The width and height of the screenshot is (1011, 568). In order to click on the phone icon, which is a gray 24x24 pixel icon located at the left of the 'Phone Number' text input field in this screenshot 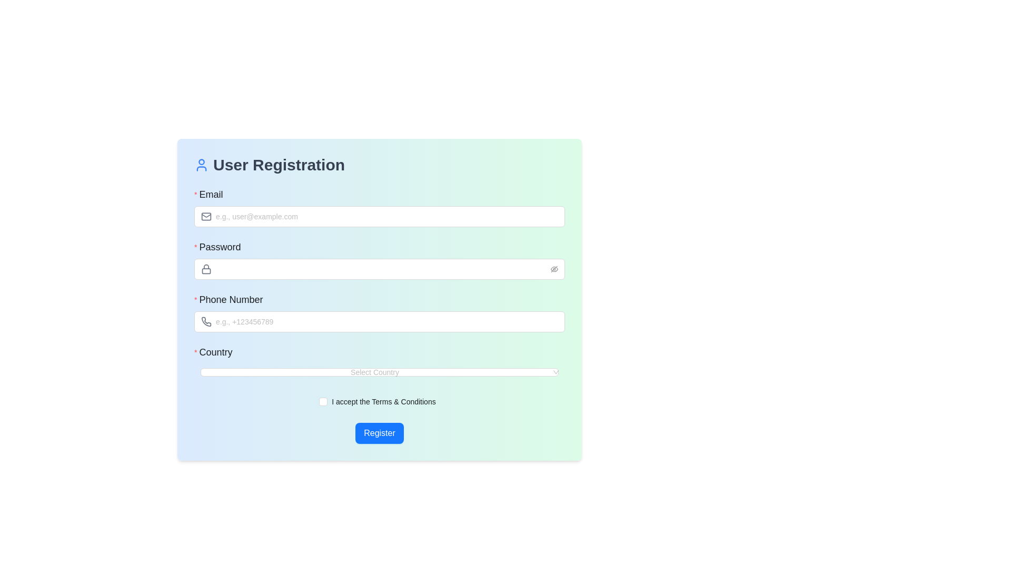, I will do `click(207, 321)`.